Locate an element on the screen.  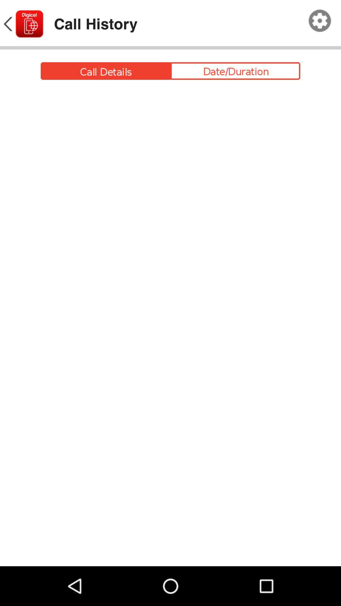
go back is located at coordinates (22, 24).